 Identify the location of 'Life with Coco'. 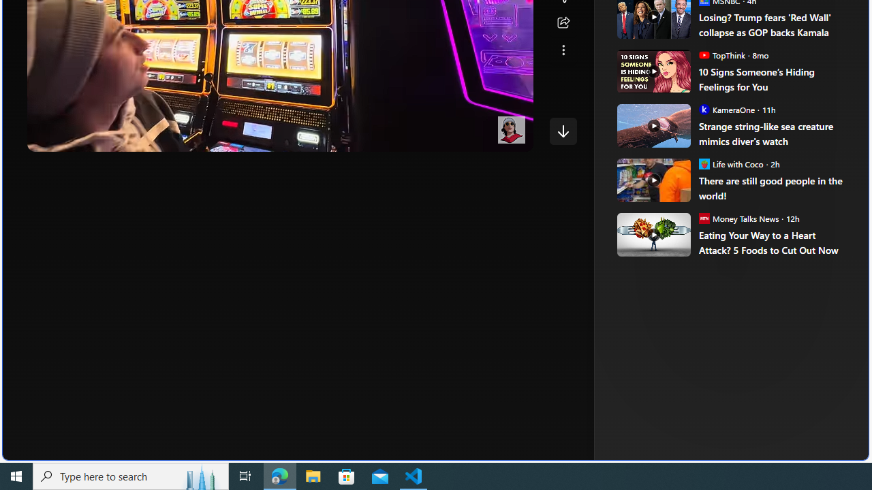
(704, 163).